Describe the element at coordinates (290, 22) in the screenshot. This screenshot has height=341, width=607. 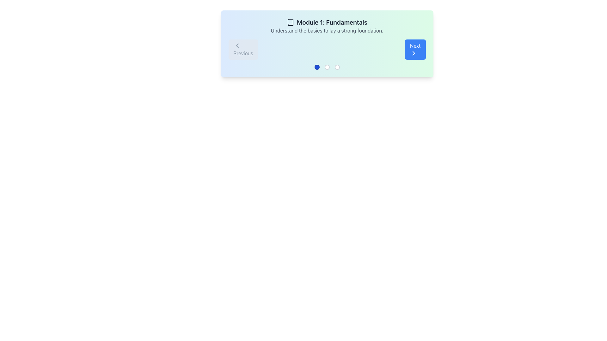
I see `the educational module icon located to the immediate left of the text 'Module 1: Fundamentals' in the top-center region of the interface` at that location.